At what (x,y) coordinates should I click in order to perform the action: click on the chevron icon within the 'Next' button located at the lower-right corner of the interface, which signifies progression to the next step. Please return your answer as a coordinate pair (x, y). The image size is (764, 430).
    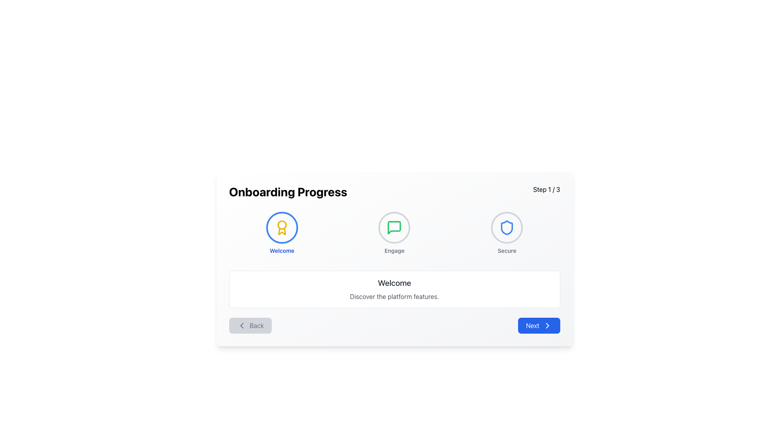
    Looking at the image, I should click on (547, 325).